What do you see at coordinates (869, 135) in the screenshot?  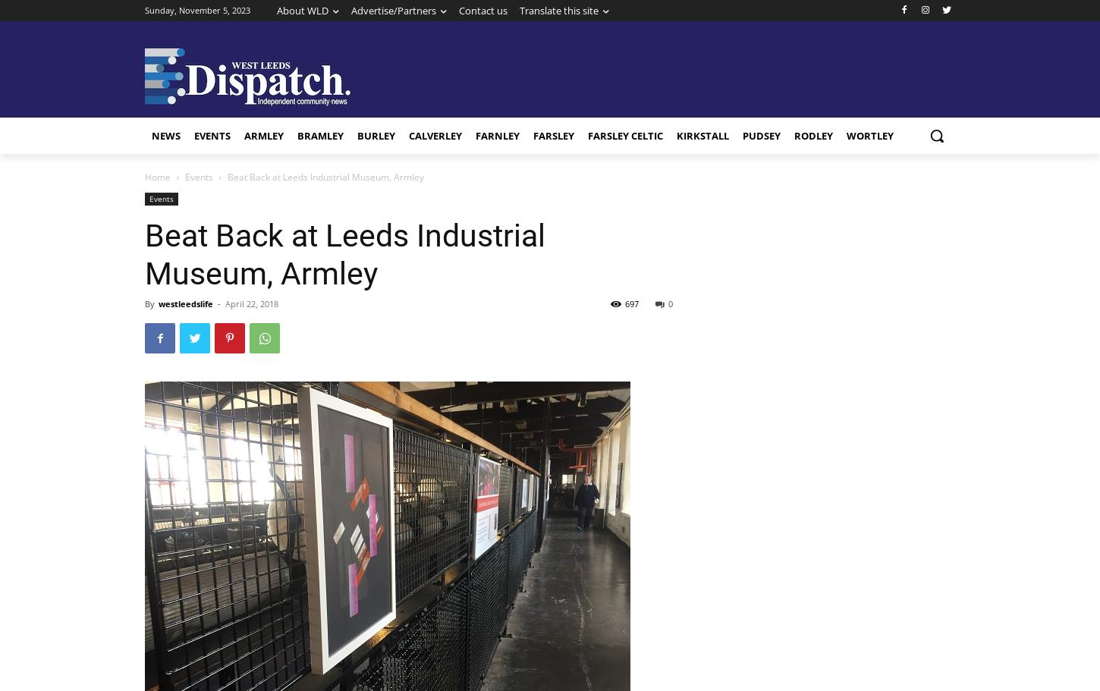 I see `'Wortley'` at bounding box center [869, 135].